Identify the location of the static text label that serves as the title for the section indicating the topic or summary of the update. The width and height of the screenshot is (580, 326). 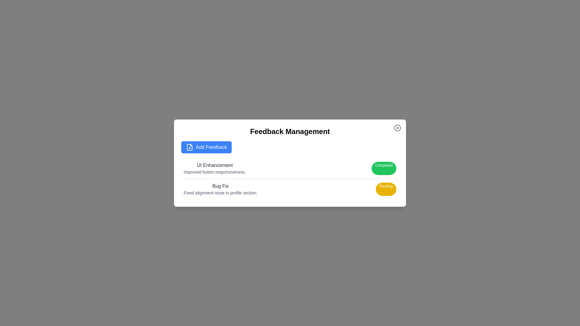
(220, 186).